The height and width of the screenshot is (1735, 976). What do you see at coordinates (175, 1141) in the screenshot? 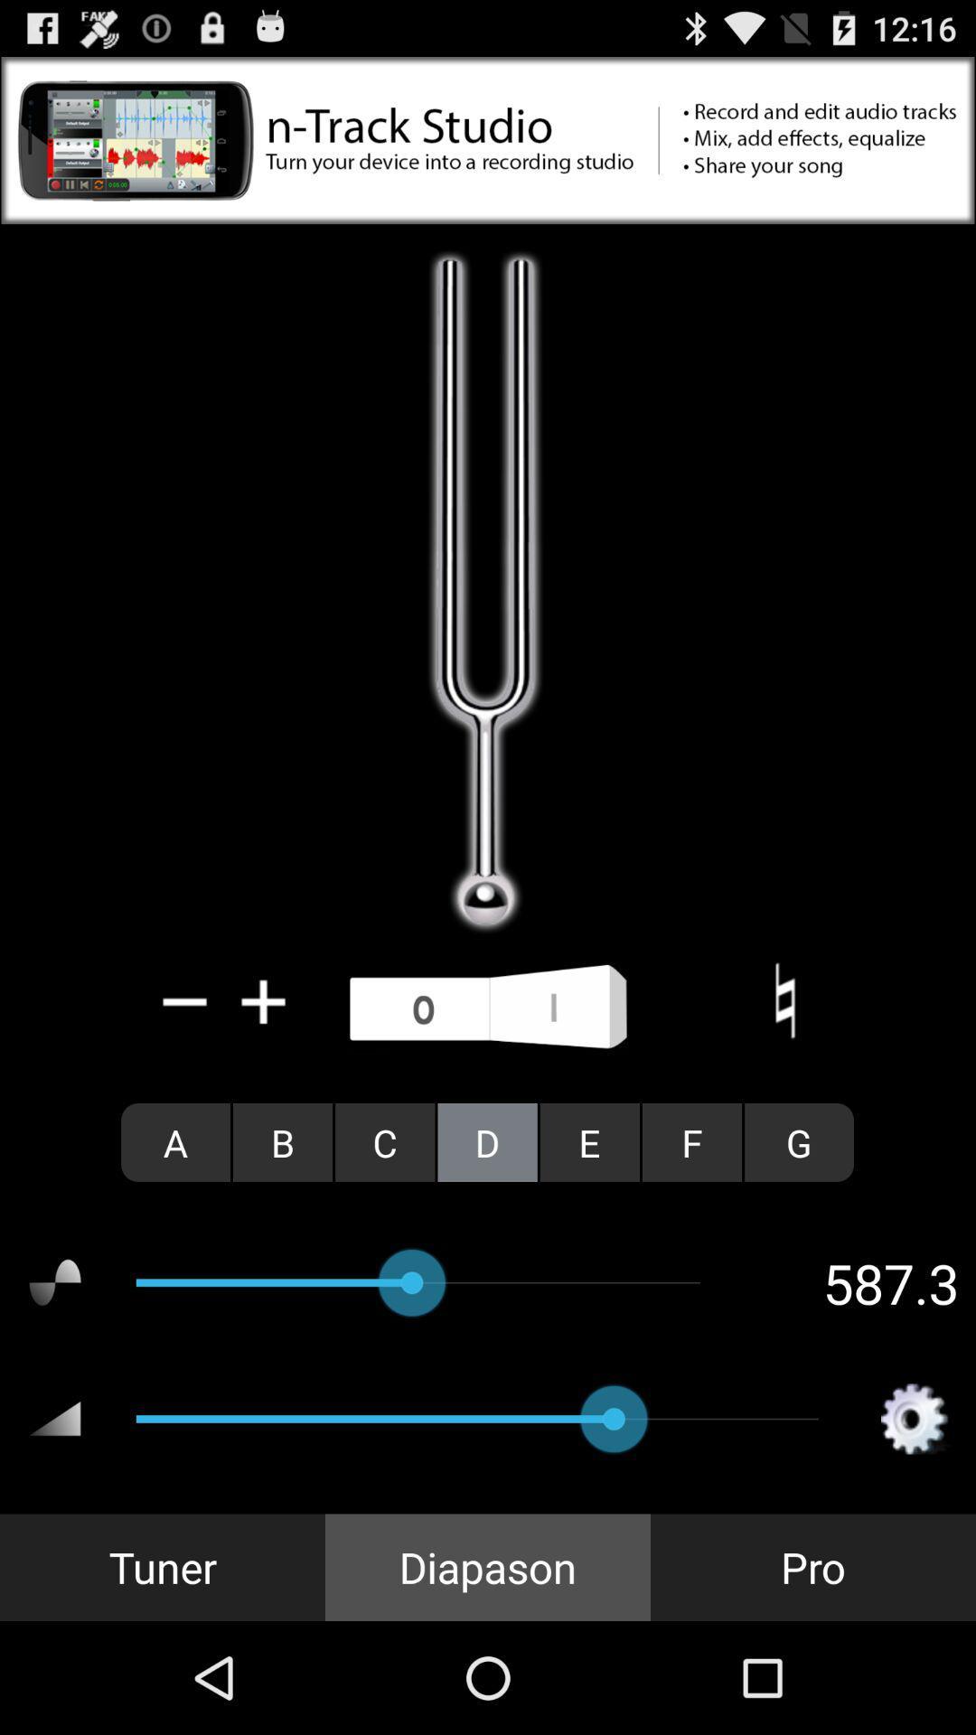
I see `the icon to the left of the b` at bounding box center [175, 1141].